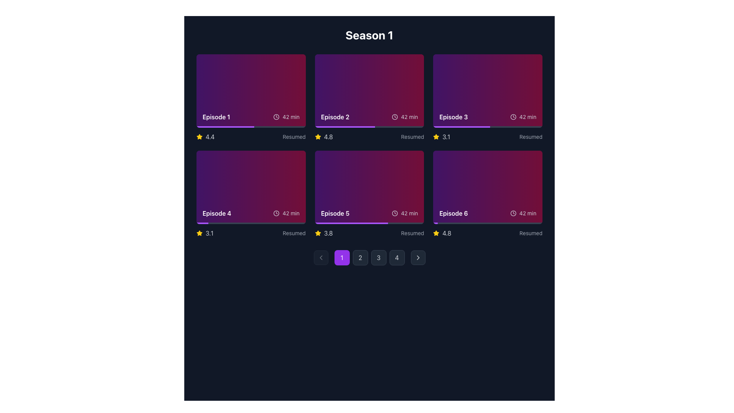  I want to click on the displayed information of the Text and Icon Group that includes the title 'Episode 4' and duration '42 min', located in the bottom section of the second card in the second row of the episode grid, so click(251, 213).